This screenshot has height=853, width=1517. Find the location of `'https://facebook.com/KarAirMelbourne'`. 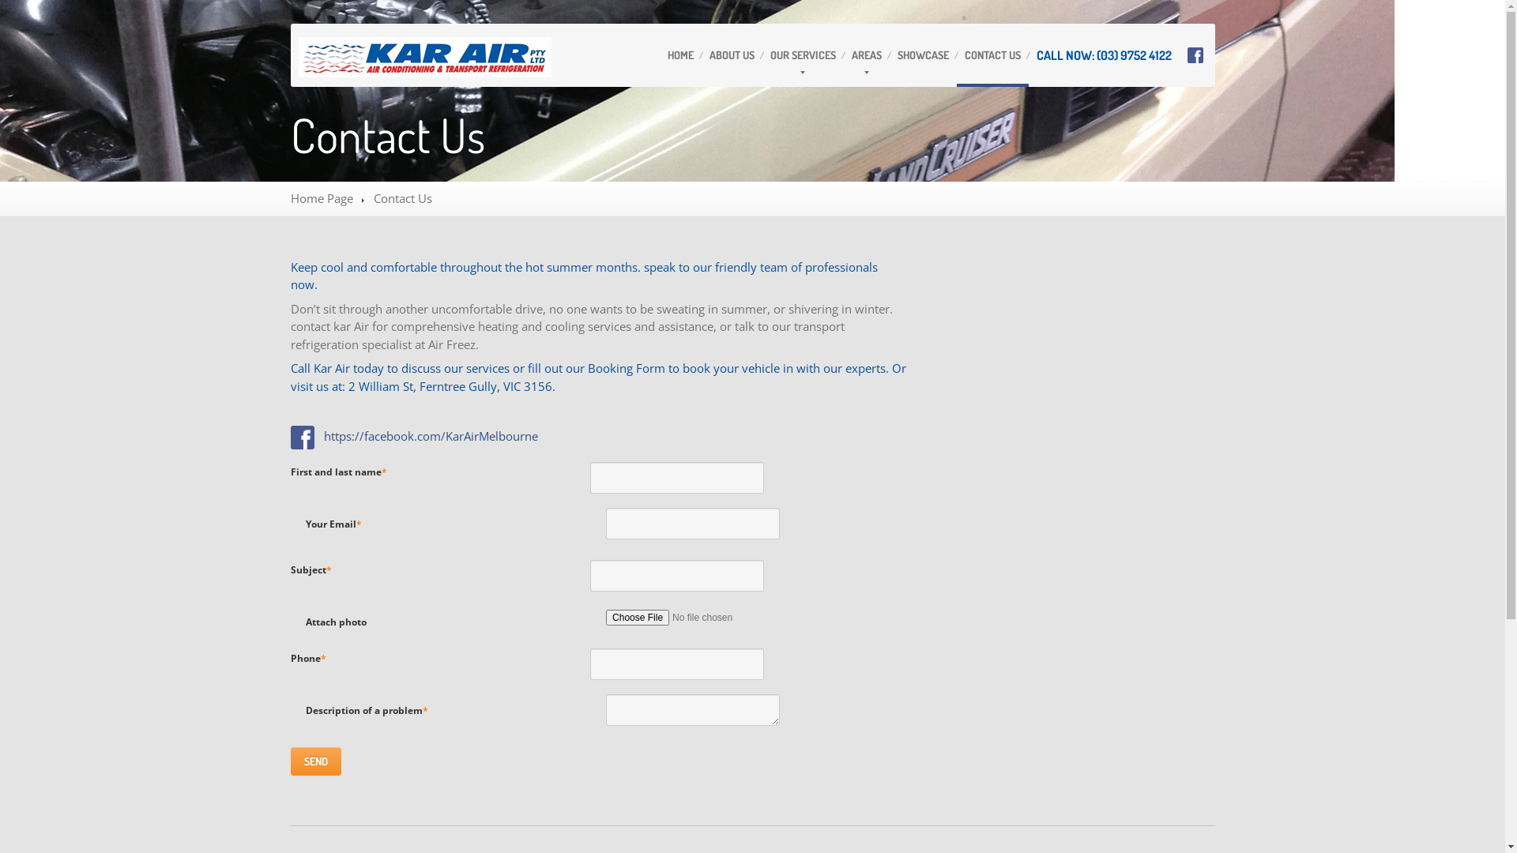

'https://facebook.com/KarAirMelbourne' is located at coordinates (431, 435).